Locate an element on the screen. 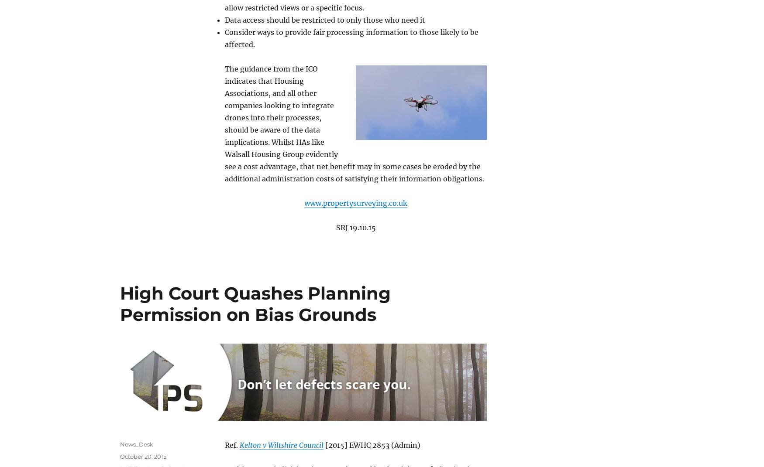 This screenshot has width=764, height=467. 'October 20, 2015' is located at coordinates (143, 456).